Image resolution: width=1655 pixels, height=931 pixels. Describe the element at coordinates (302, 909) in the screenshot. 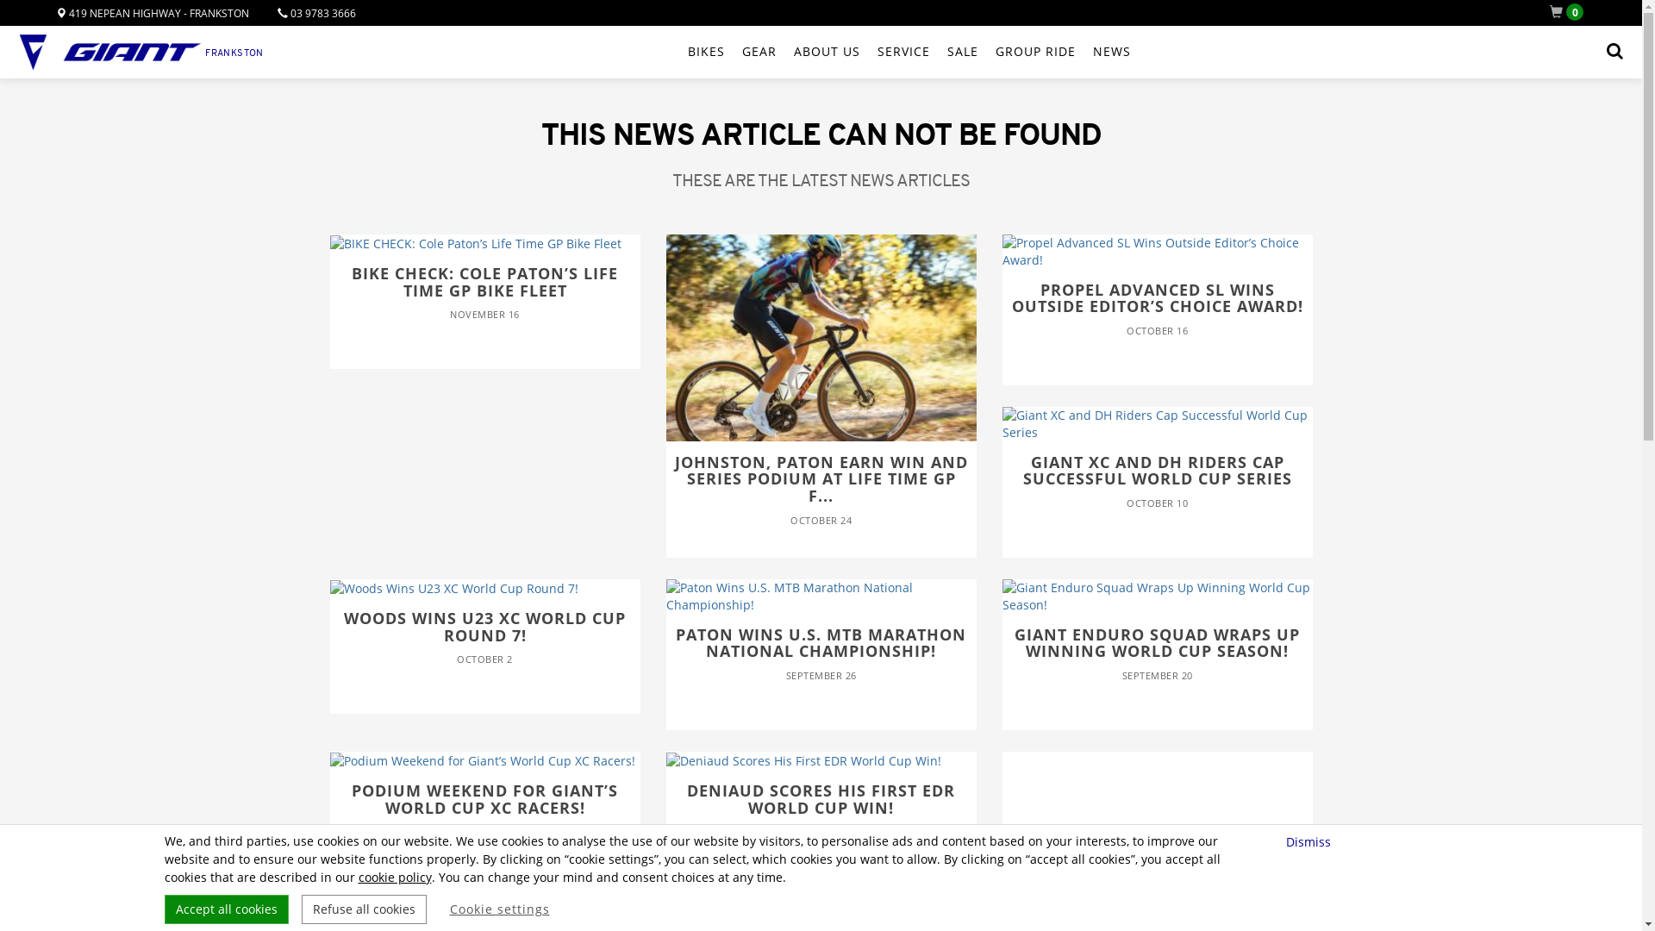

I see `'Refuse all cookies'` at that location.